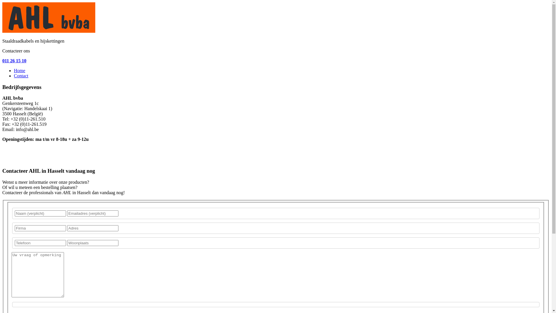 This screenshot has height=313, width=556. I want to click on '011 26 15 10', so click(14, 61).